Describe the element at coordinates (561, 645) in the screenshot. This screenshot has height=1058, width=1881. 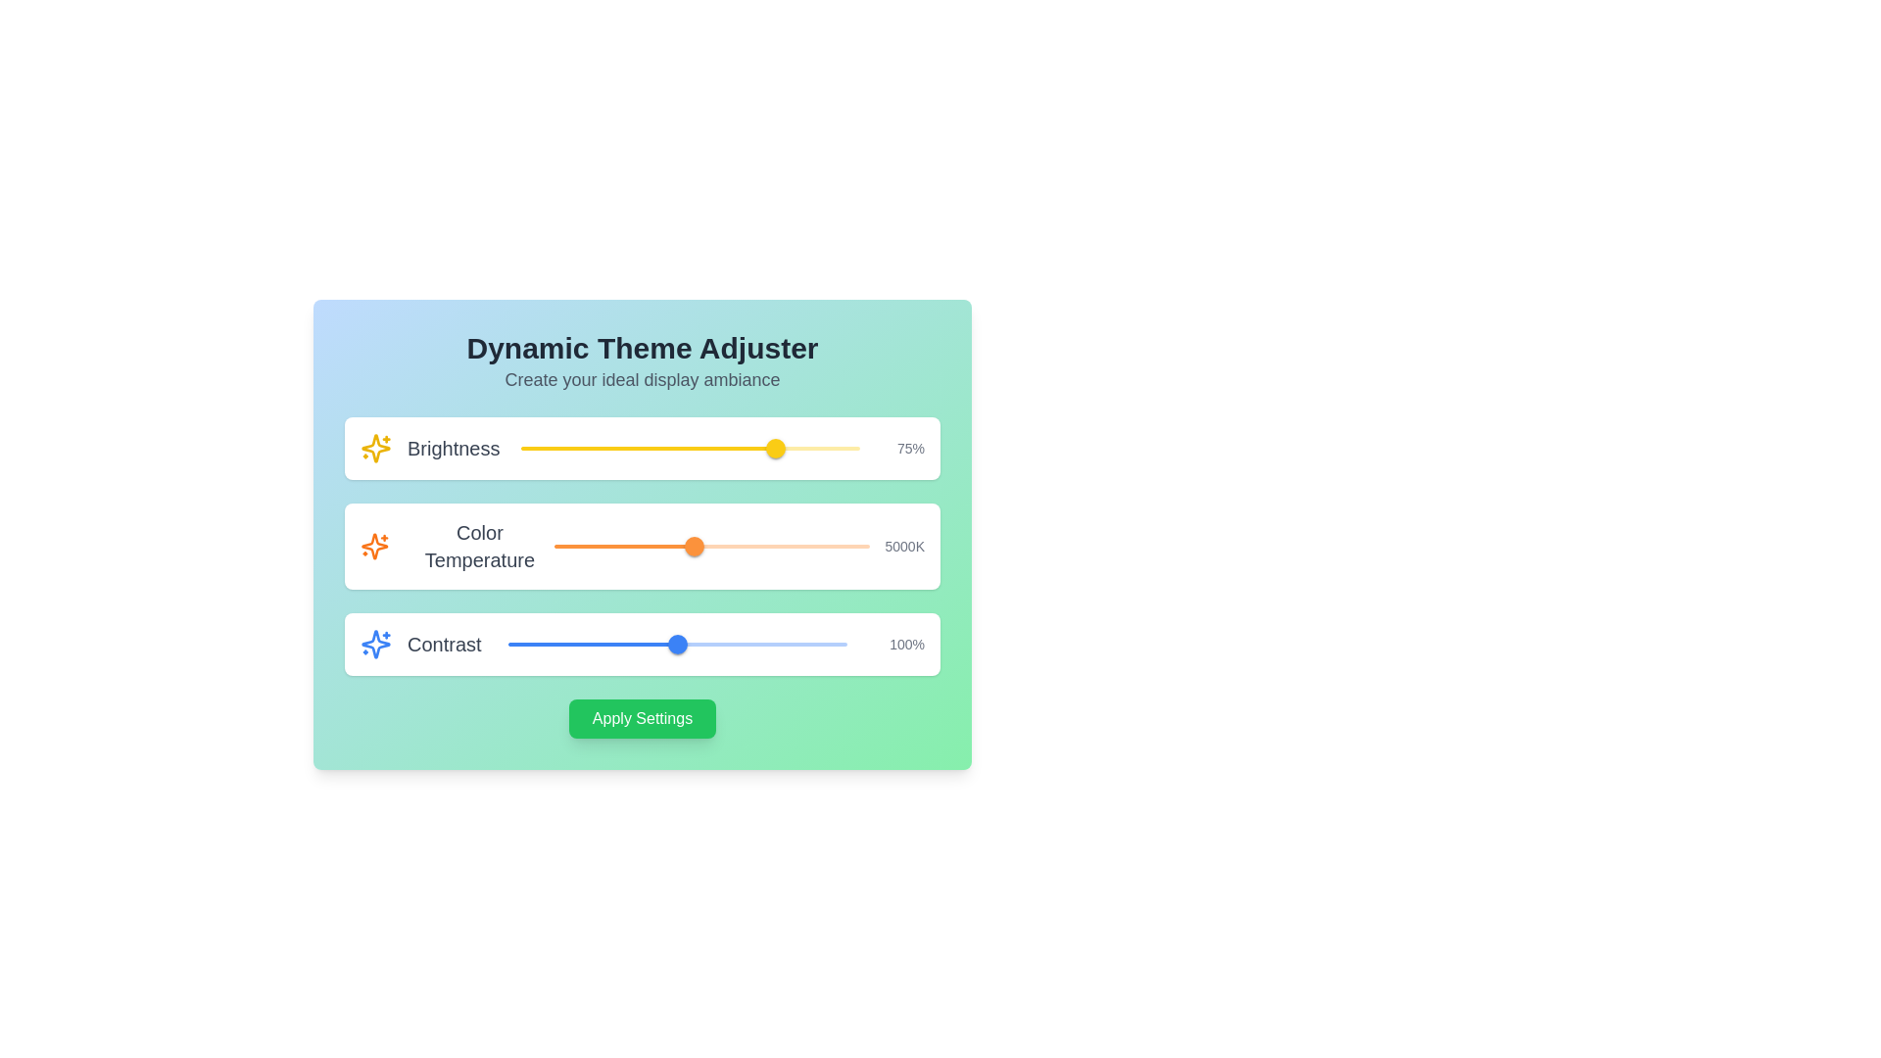
I see `the contrast level` at that location.